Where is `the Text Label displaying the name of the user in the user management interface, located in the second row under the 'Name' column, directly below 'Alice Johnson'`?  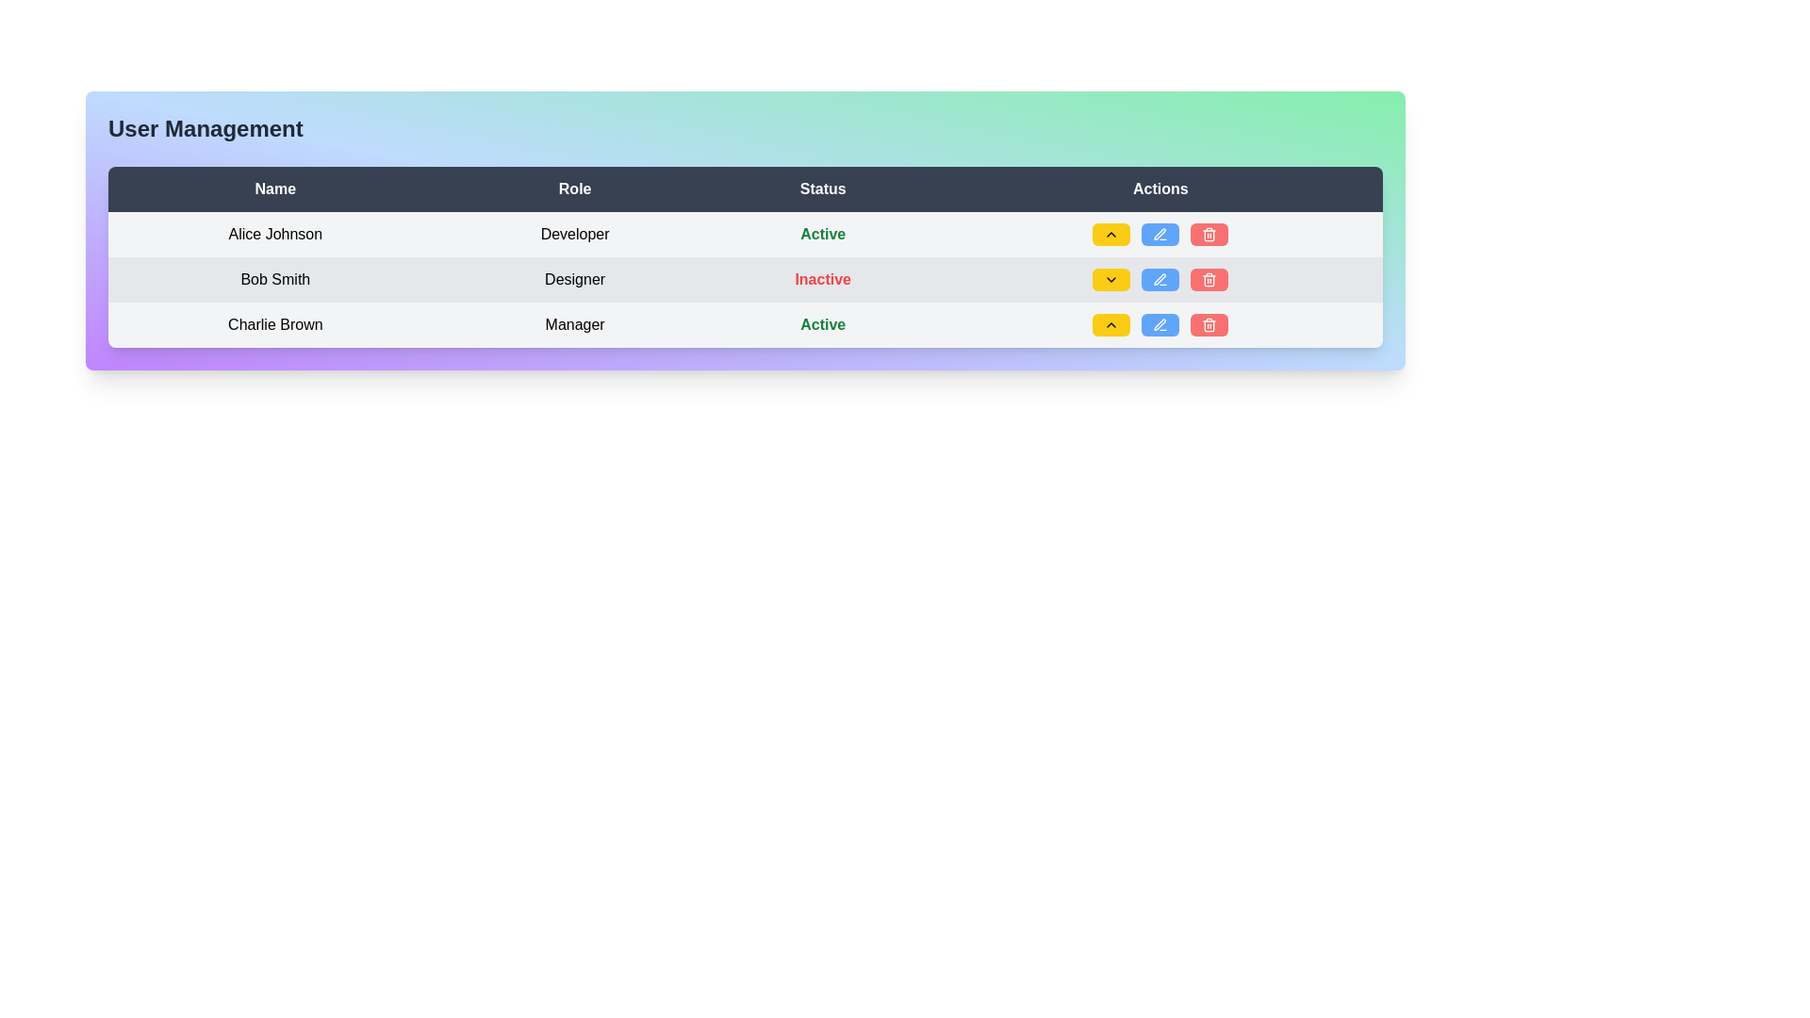
the Text Label displaying the name of the user in the user management interface, located in the second row under the 'Name' column, directly below 'Alice Johnson' is located at coordinates (274, 280).